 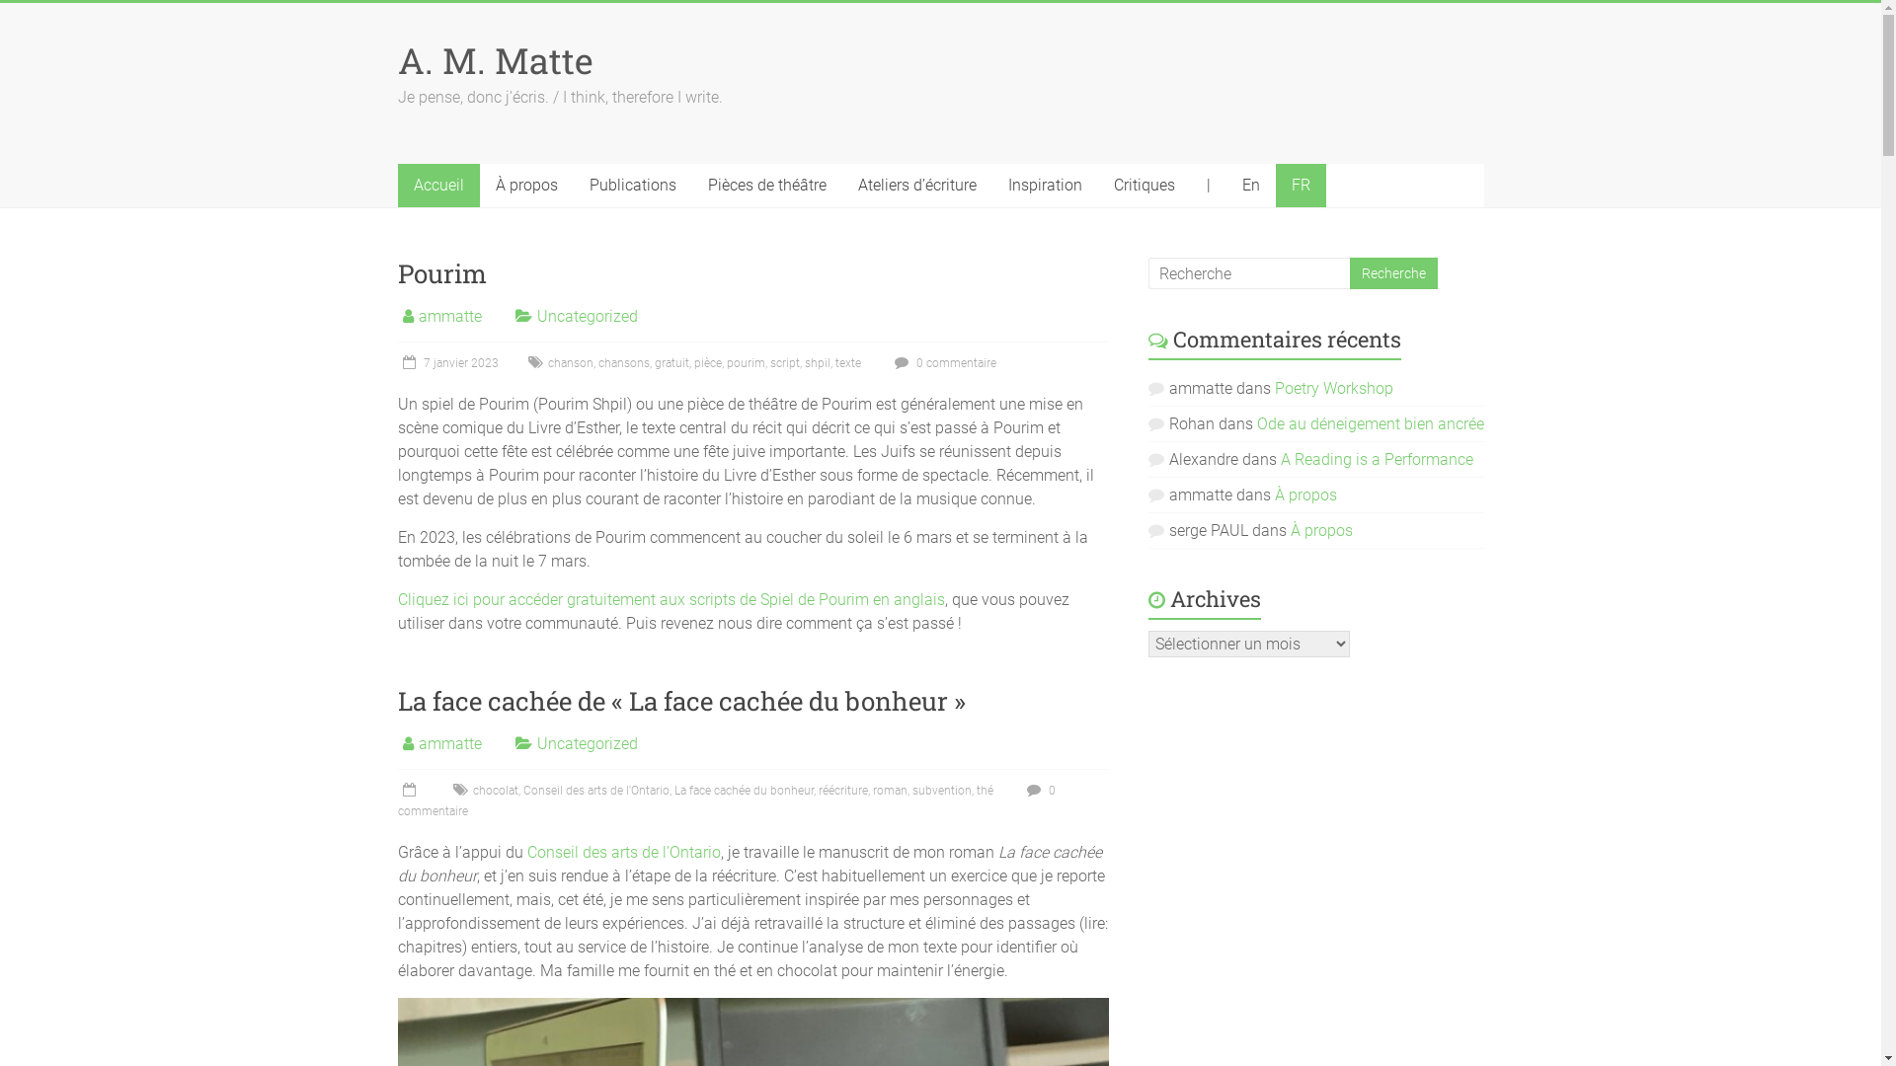 I want to click on 'Uncategorized', so click(x=587, y=315).